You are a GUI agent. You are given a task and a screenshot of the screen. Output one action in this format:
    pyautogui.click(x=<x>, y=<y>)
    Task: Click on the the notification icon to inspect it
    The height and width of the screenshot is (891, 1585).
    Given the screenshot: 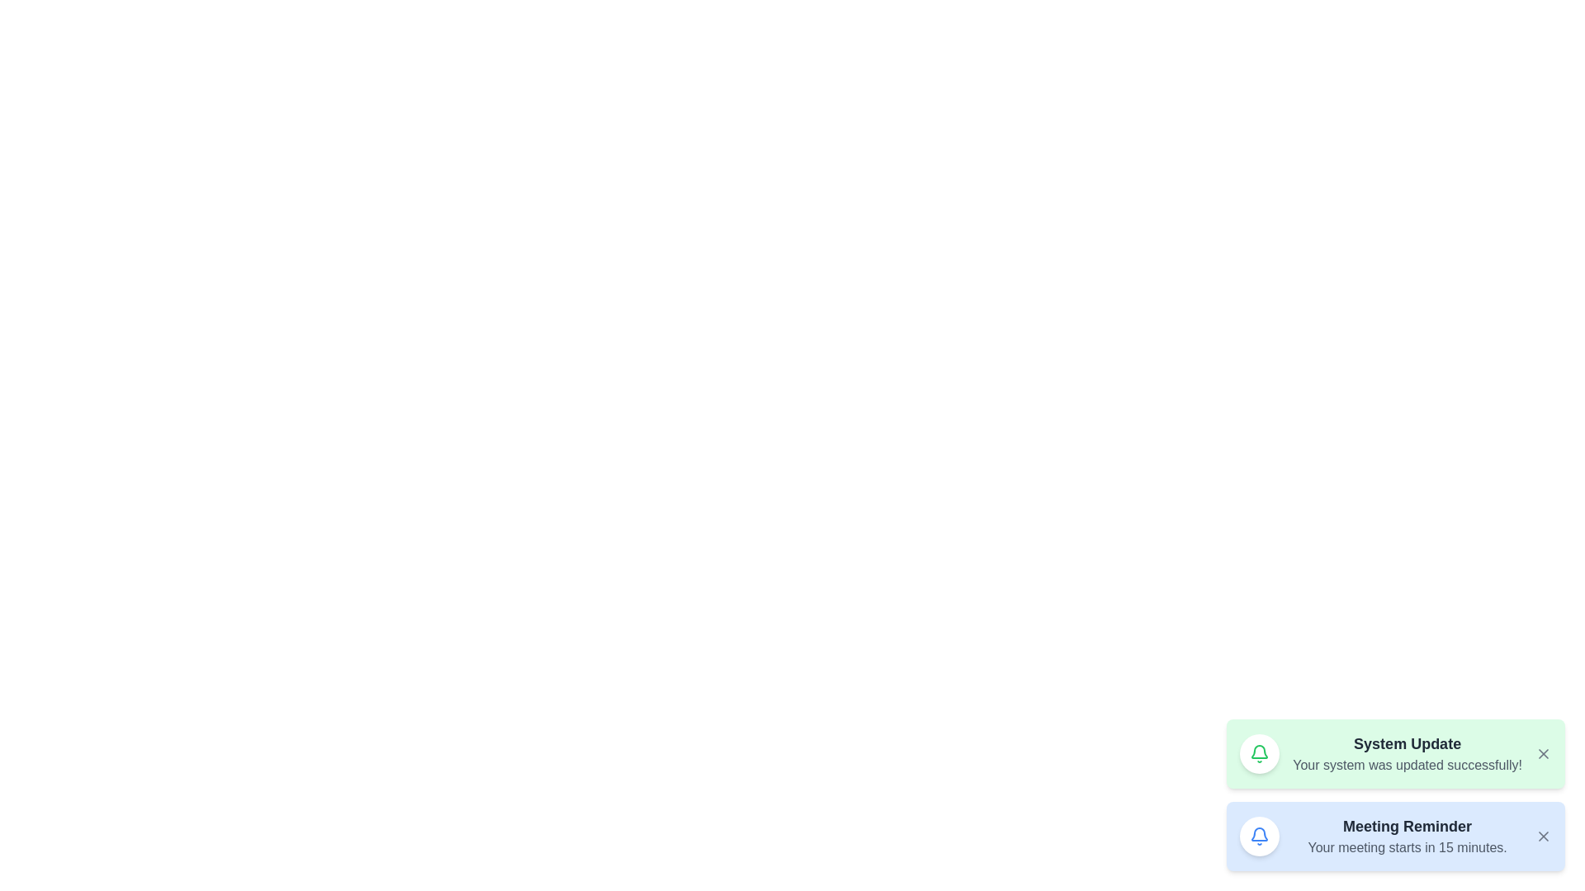 What is the action you would take?
    pyautogui.click(x=1259, y=754)
    